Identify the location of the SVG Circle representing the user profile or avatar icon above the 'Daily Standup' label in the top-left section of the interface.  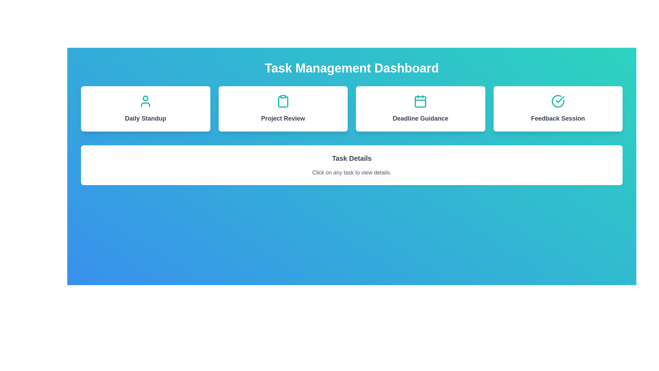
(145, 98).